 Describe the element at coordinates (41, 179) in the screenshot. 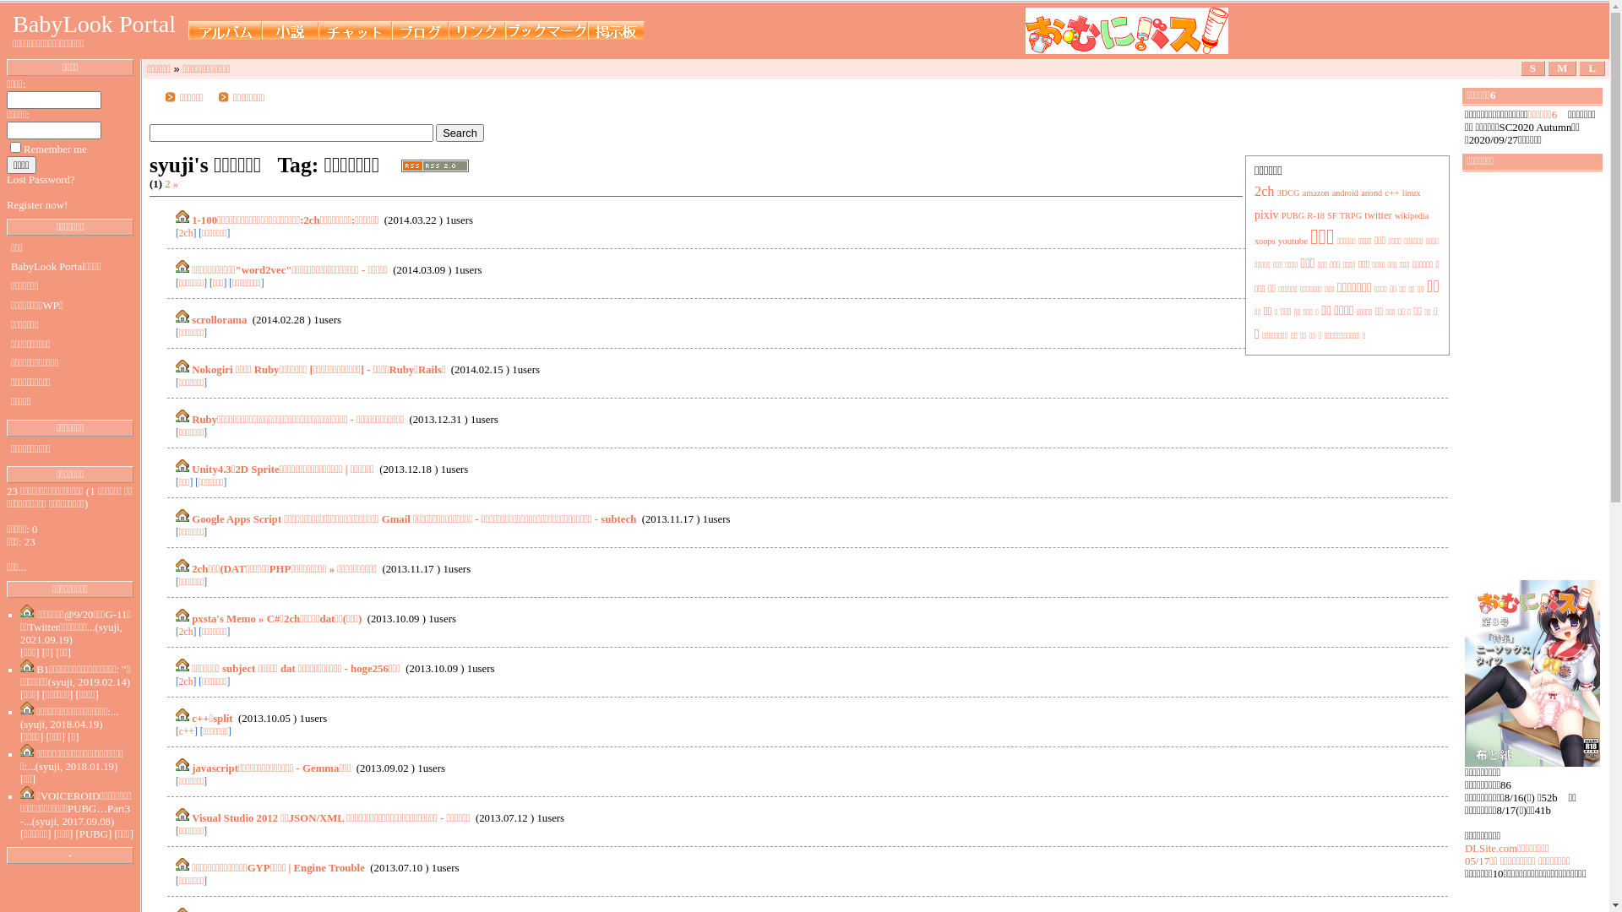

I see `'Lost Password?'` at that location.